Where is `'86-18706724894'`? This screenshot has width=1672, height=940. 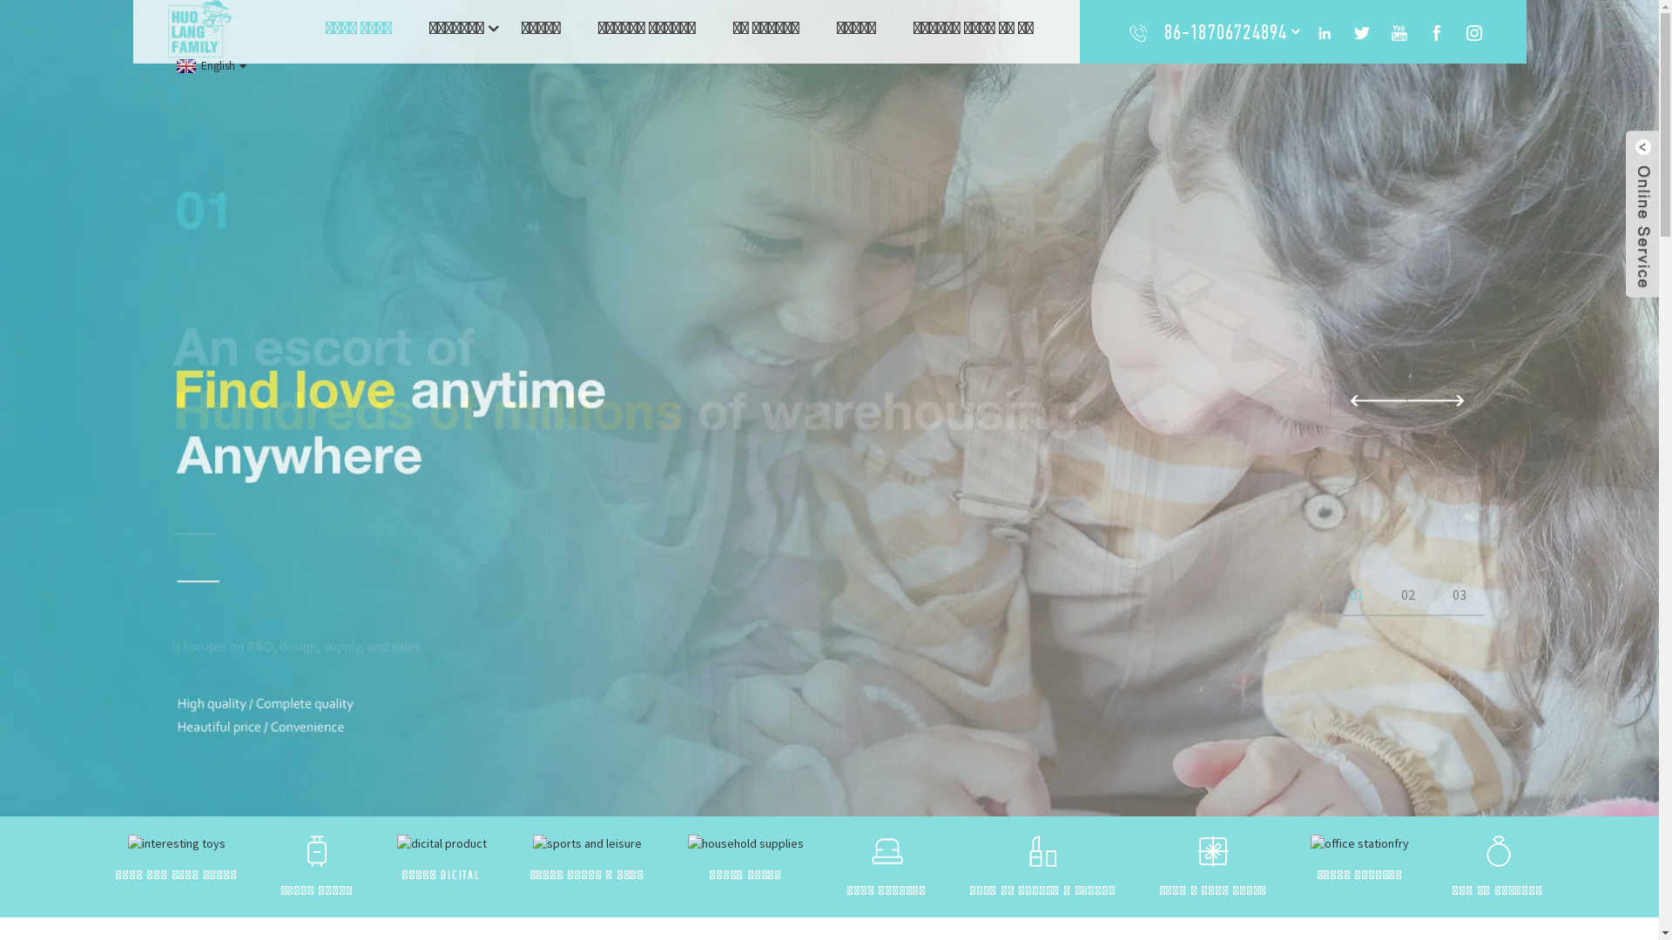 '86-18706724894' is located at coordinates (1224, 31).